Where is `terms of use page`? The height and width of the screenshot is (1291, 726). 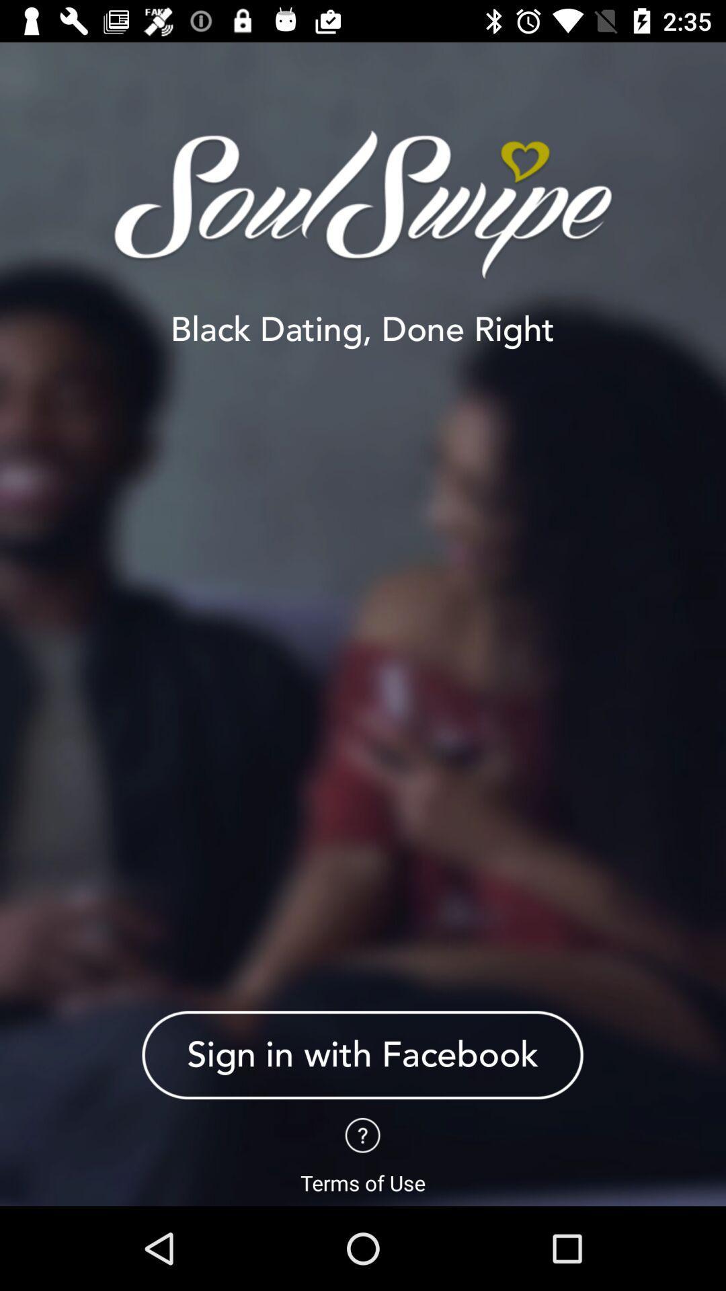 terms of use page is located at coordinates (362, 1134).